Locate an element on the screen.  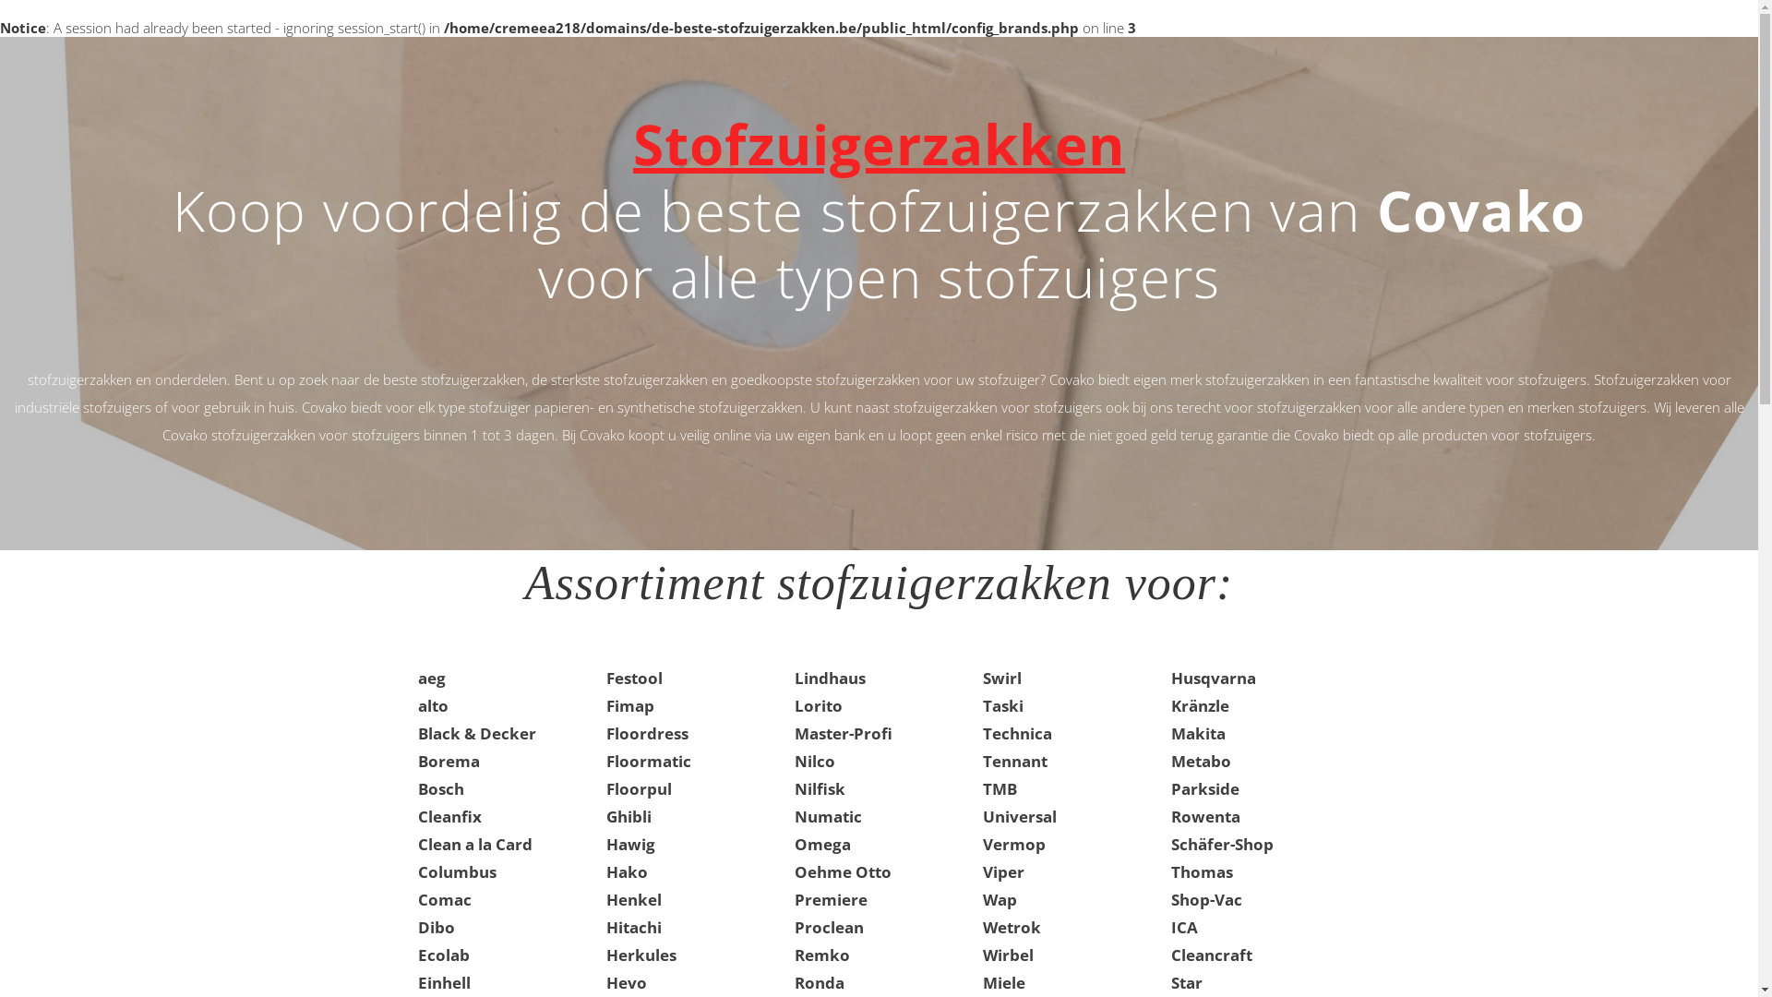
'Wap' is located at coordinates (998, 898).